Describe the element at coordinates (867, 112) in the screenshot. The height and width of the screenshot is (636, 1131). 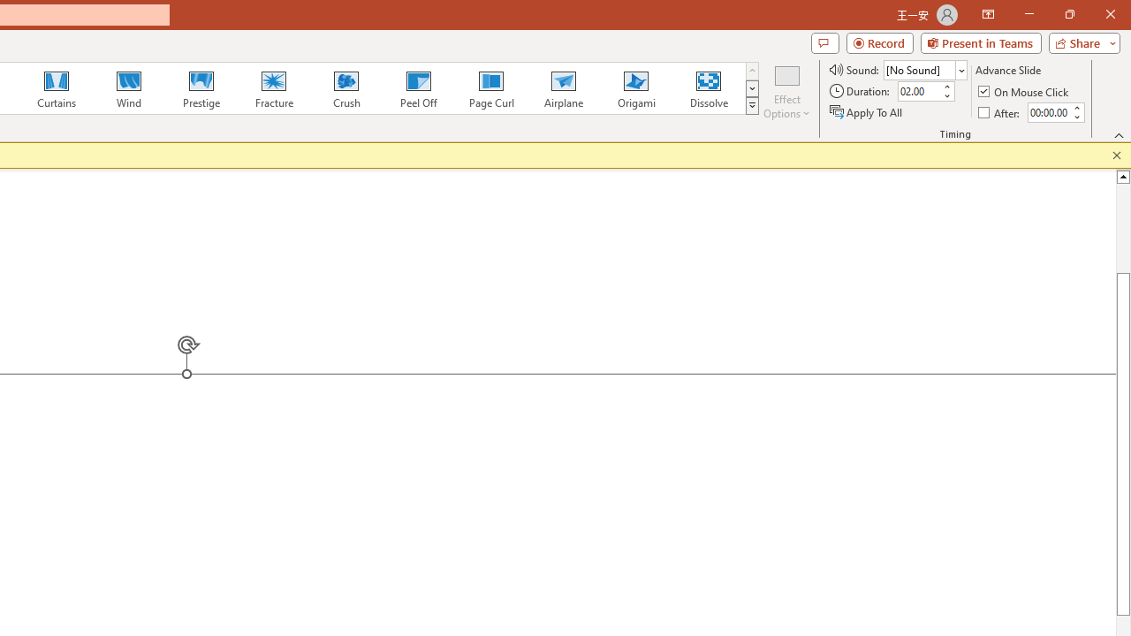
I see `'Apply To All'` at that location.